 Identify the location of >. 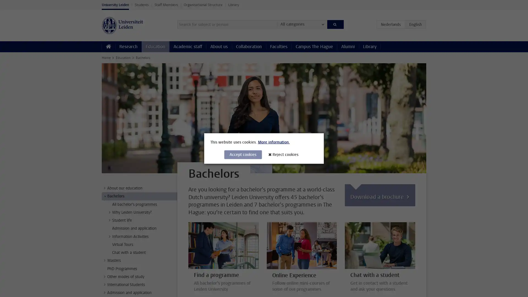
(105, 196).